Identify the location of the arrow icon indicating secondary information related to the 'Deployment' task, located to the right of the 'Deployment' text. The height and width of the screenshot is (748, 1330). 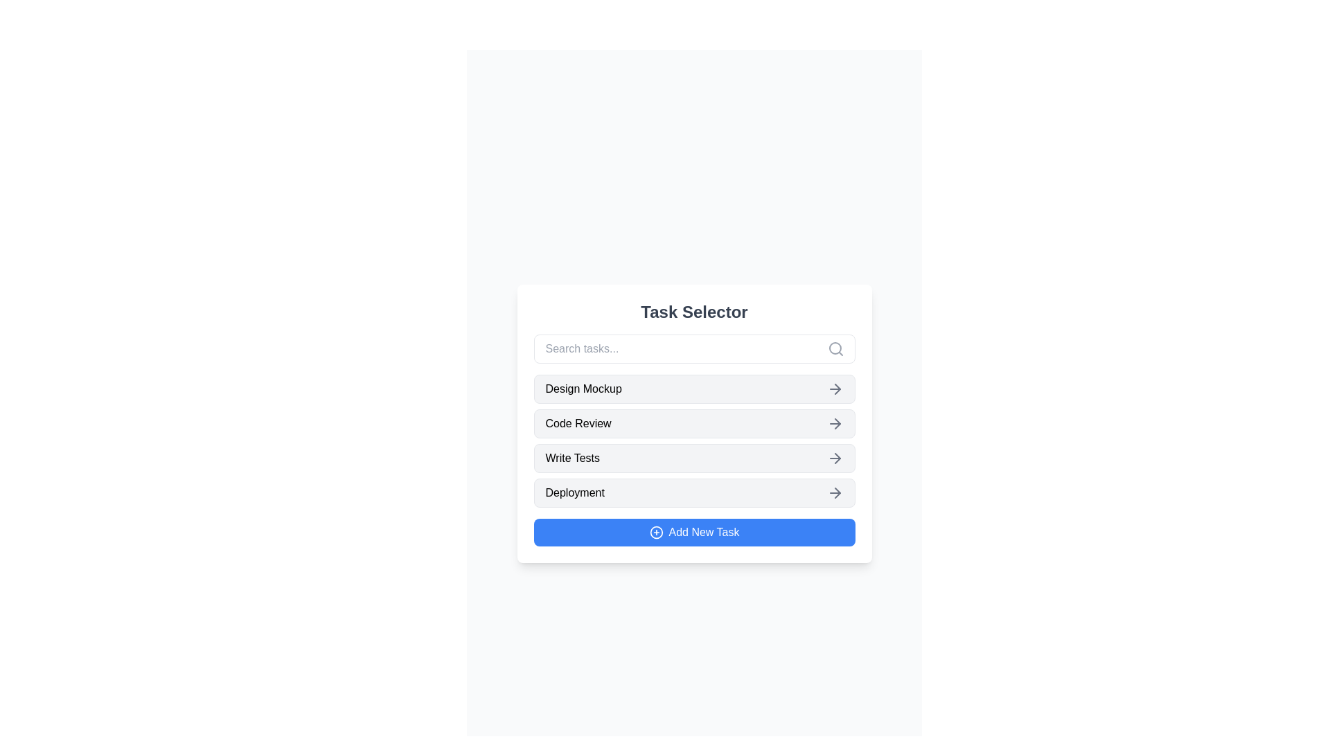
(837, 492).